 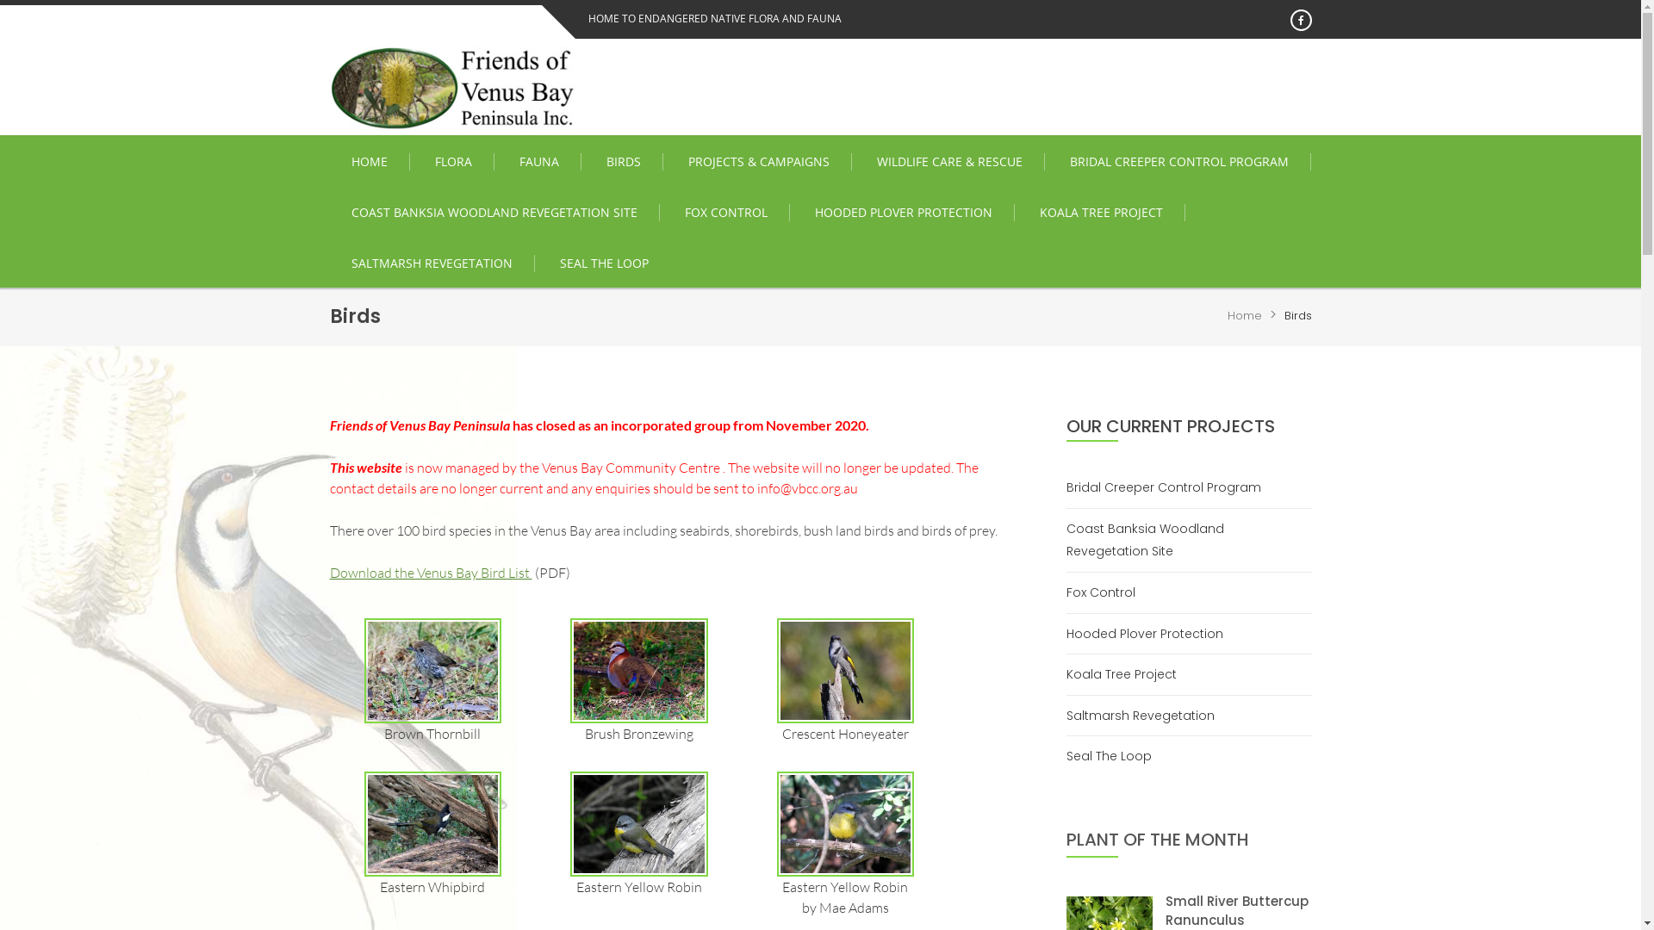 I want to click on 'HOODED PLOVER PROTECTION', so click(x=902, y=211).